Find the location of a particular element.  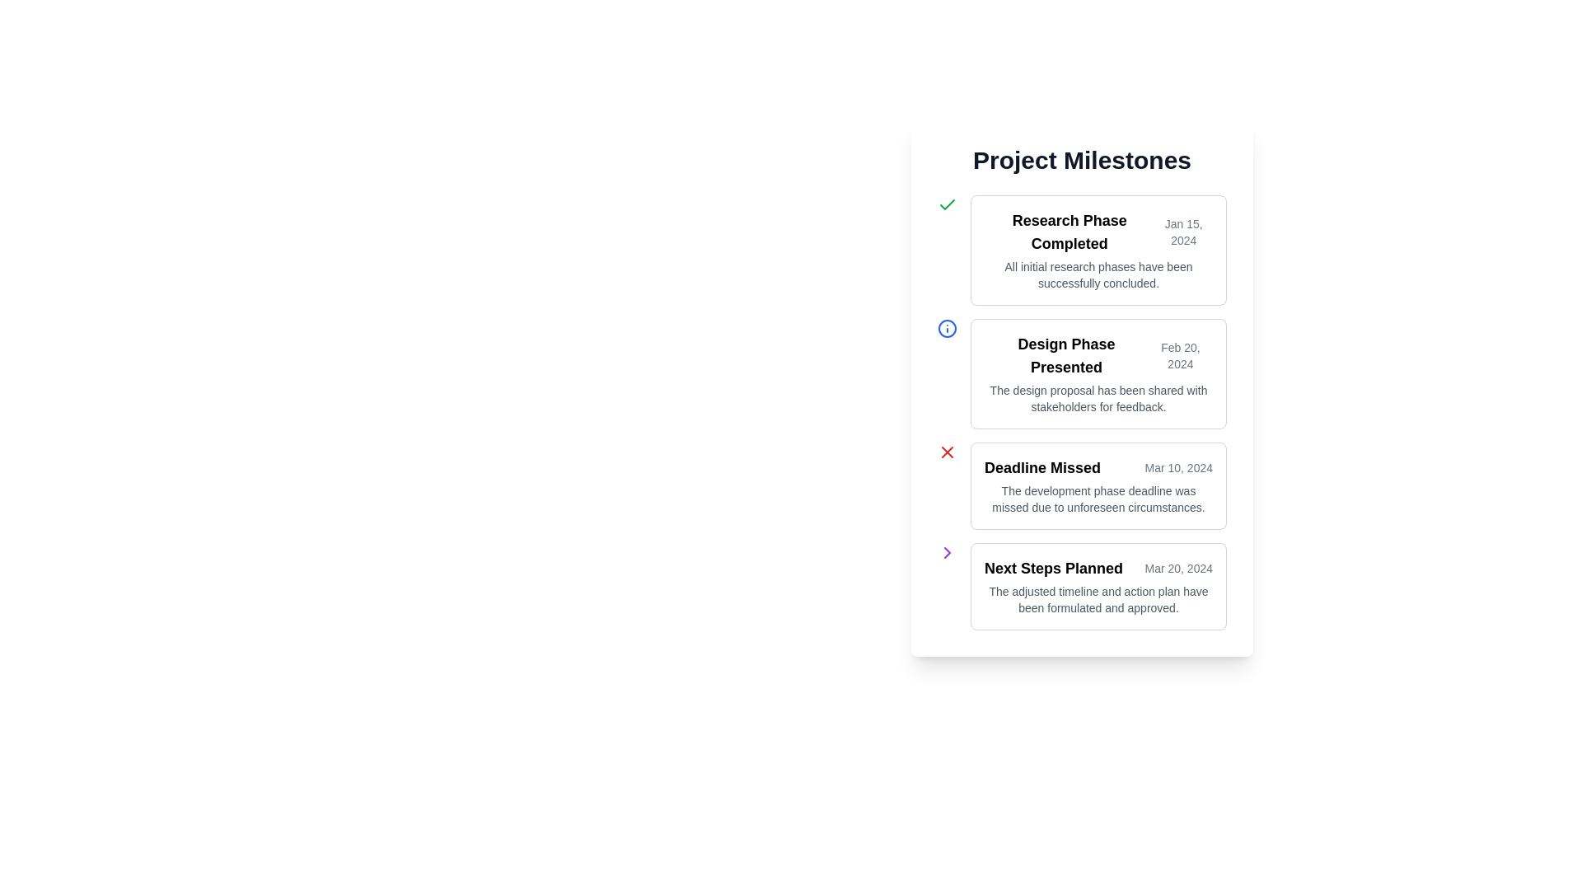

the static text label that serves as the title for a milestone entry, positioned at the top-left section of the milestone card, above the date text is located at coordinates (1066, 355).